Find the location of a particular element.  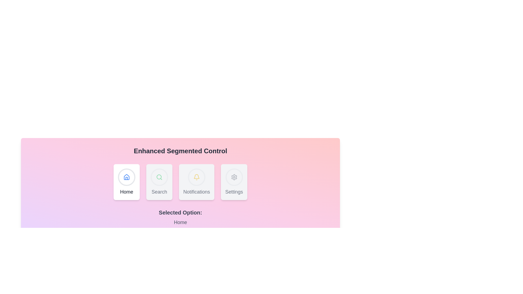

the door graphic of the house icon located within the first button in the interface is located at coordinates (126, 178).